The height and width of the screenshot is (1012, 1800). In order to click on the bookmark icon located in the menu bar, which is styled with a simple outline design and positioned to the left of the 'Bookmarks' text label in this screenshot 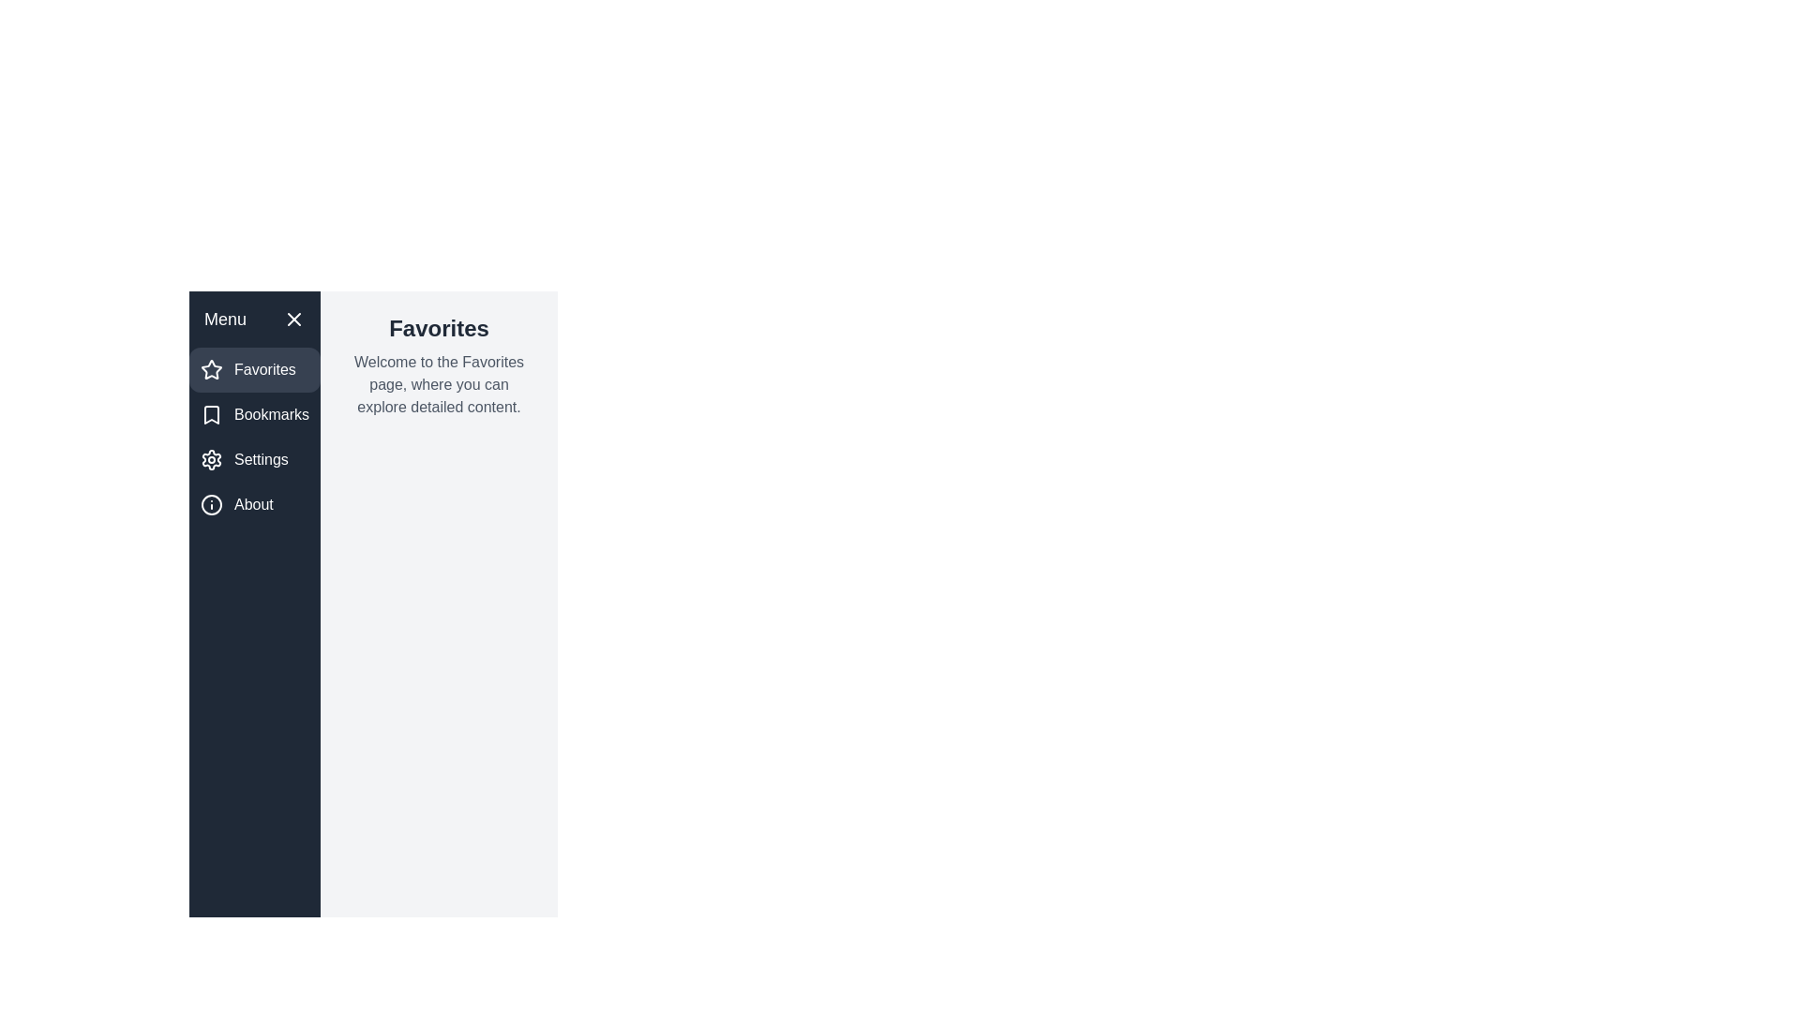, I will do `click(211, 414)`.